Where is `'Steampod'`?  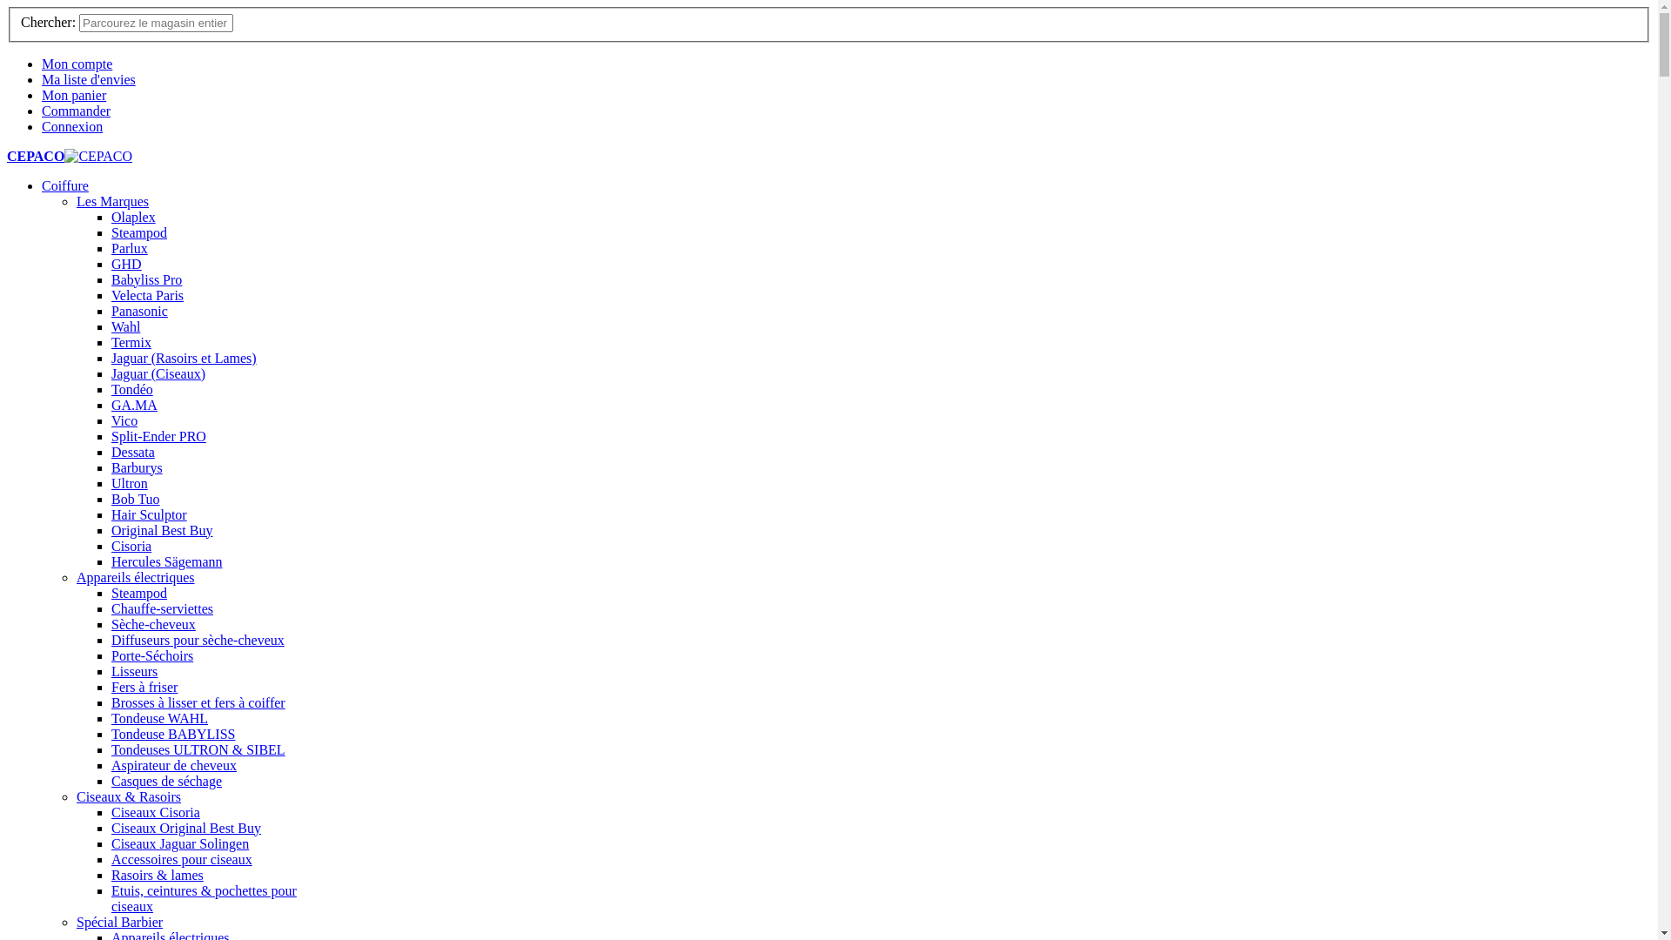
'Steampod' is located at coordinates (138, 232).